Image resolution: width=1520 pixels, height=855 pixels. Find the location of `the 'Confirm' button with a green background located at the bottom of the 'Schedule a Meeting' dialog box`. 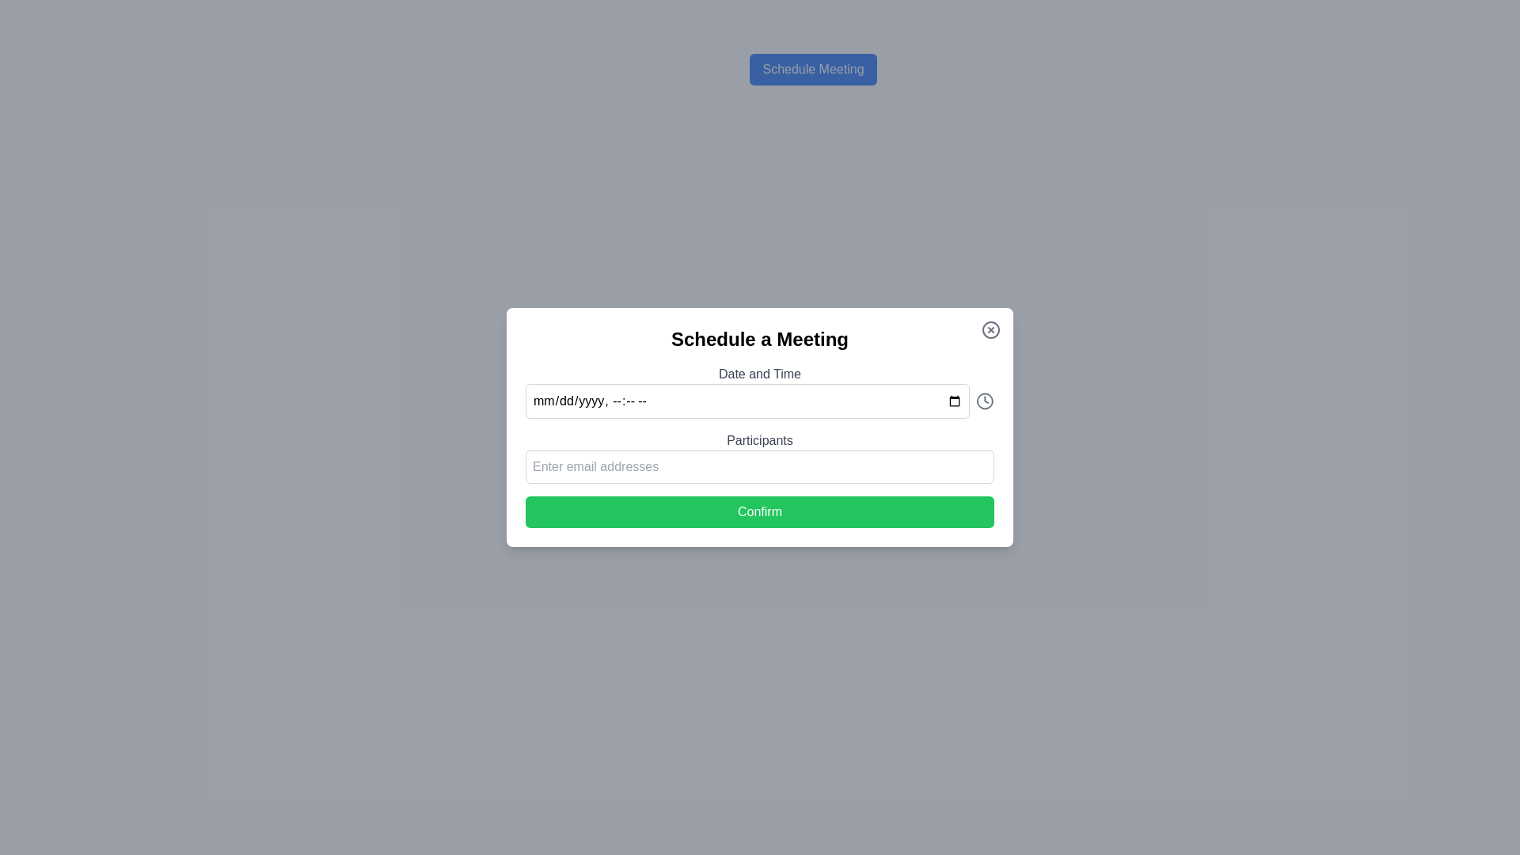

the 'Confirm' button with a green background located at the bottom of the 'Schedule a Meeting' dialog box is located at coordinates (760, 512).